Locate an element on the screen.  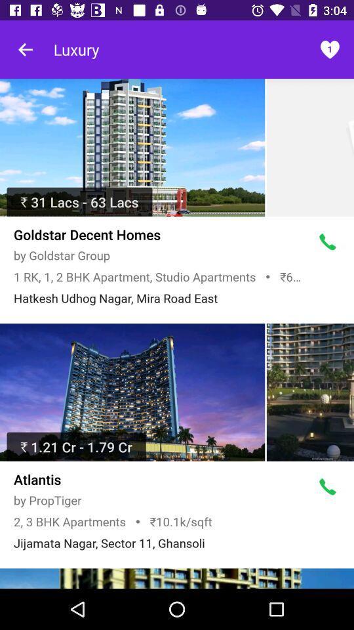
choose image is located at coordinates (177, 577).